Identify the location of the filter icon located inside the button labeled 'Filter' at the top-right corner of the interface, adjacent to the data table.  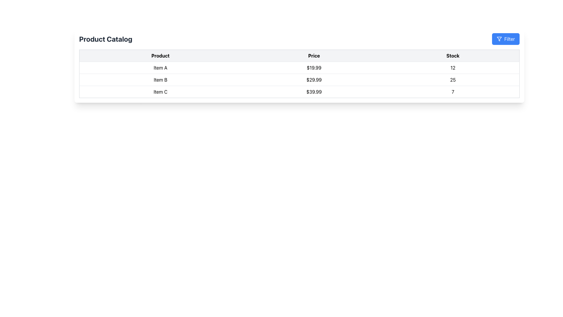
(499, 39).